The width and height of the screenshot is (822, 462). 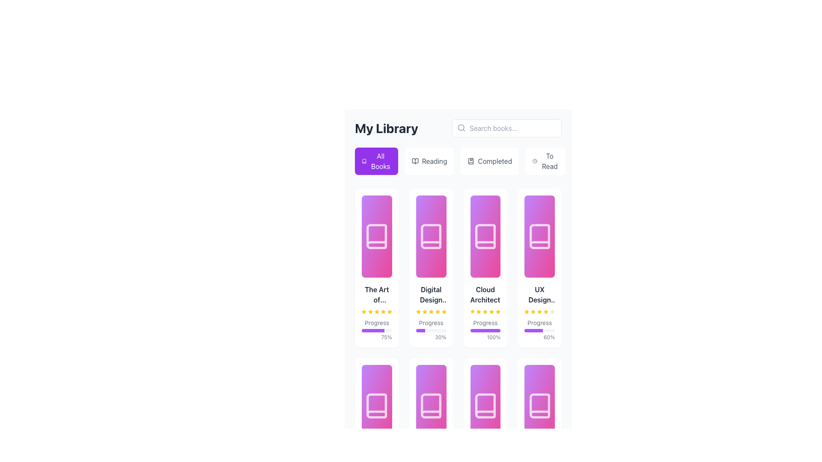 I want to click on the visual card representing the library item titled 'Cloud Architect', which is a vertical card with a gradient background and a white book icon at its center, so click(x=485, y=236).